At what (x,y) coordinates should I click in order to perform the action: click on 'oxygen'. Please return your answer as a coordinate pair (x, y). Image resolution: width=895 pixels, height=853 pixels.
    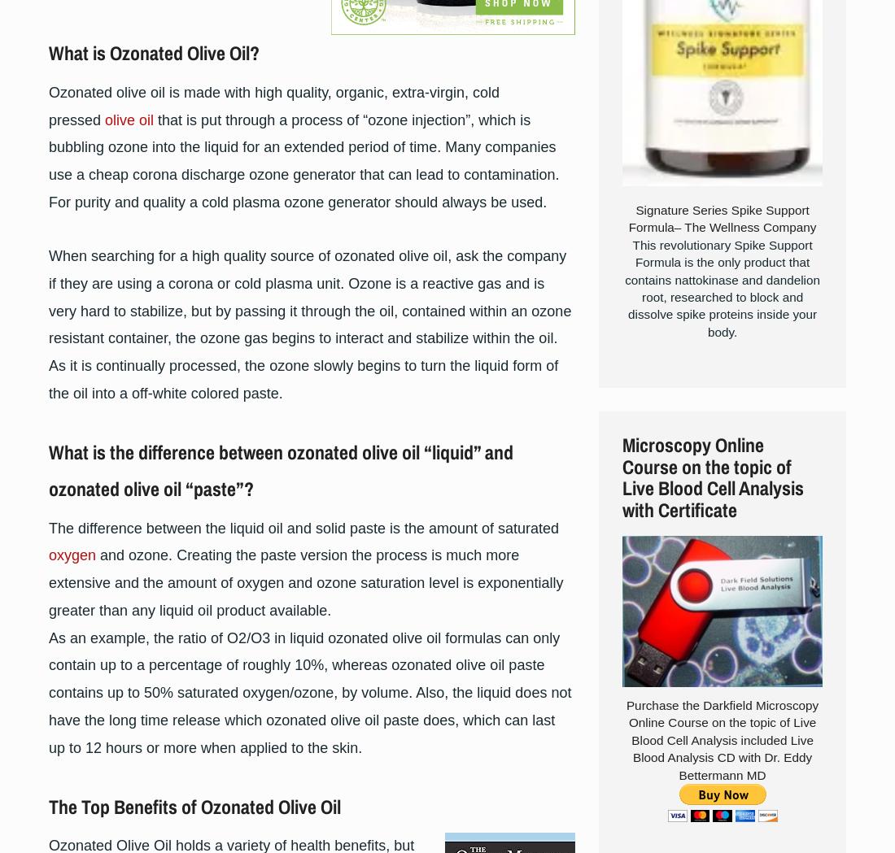
    Looking at the image, I should click on (47, 555).